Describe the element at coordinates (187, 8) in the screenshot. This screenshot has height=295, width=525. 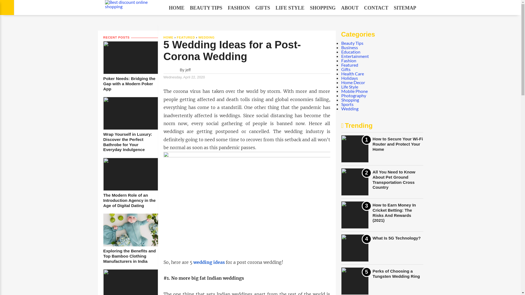
I see `'BEAUTY TIPS'` at that location.